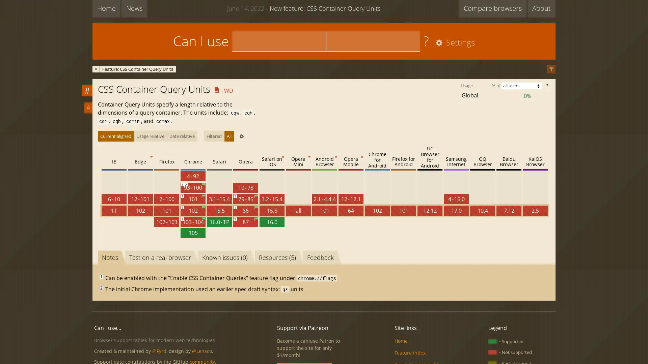 The height and width of the screenshot is (364, 648). I want to click on Usage relative, so click(150, 136).